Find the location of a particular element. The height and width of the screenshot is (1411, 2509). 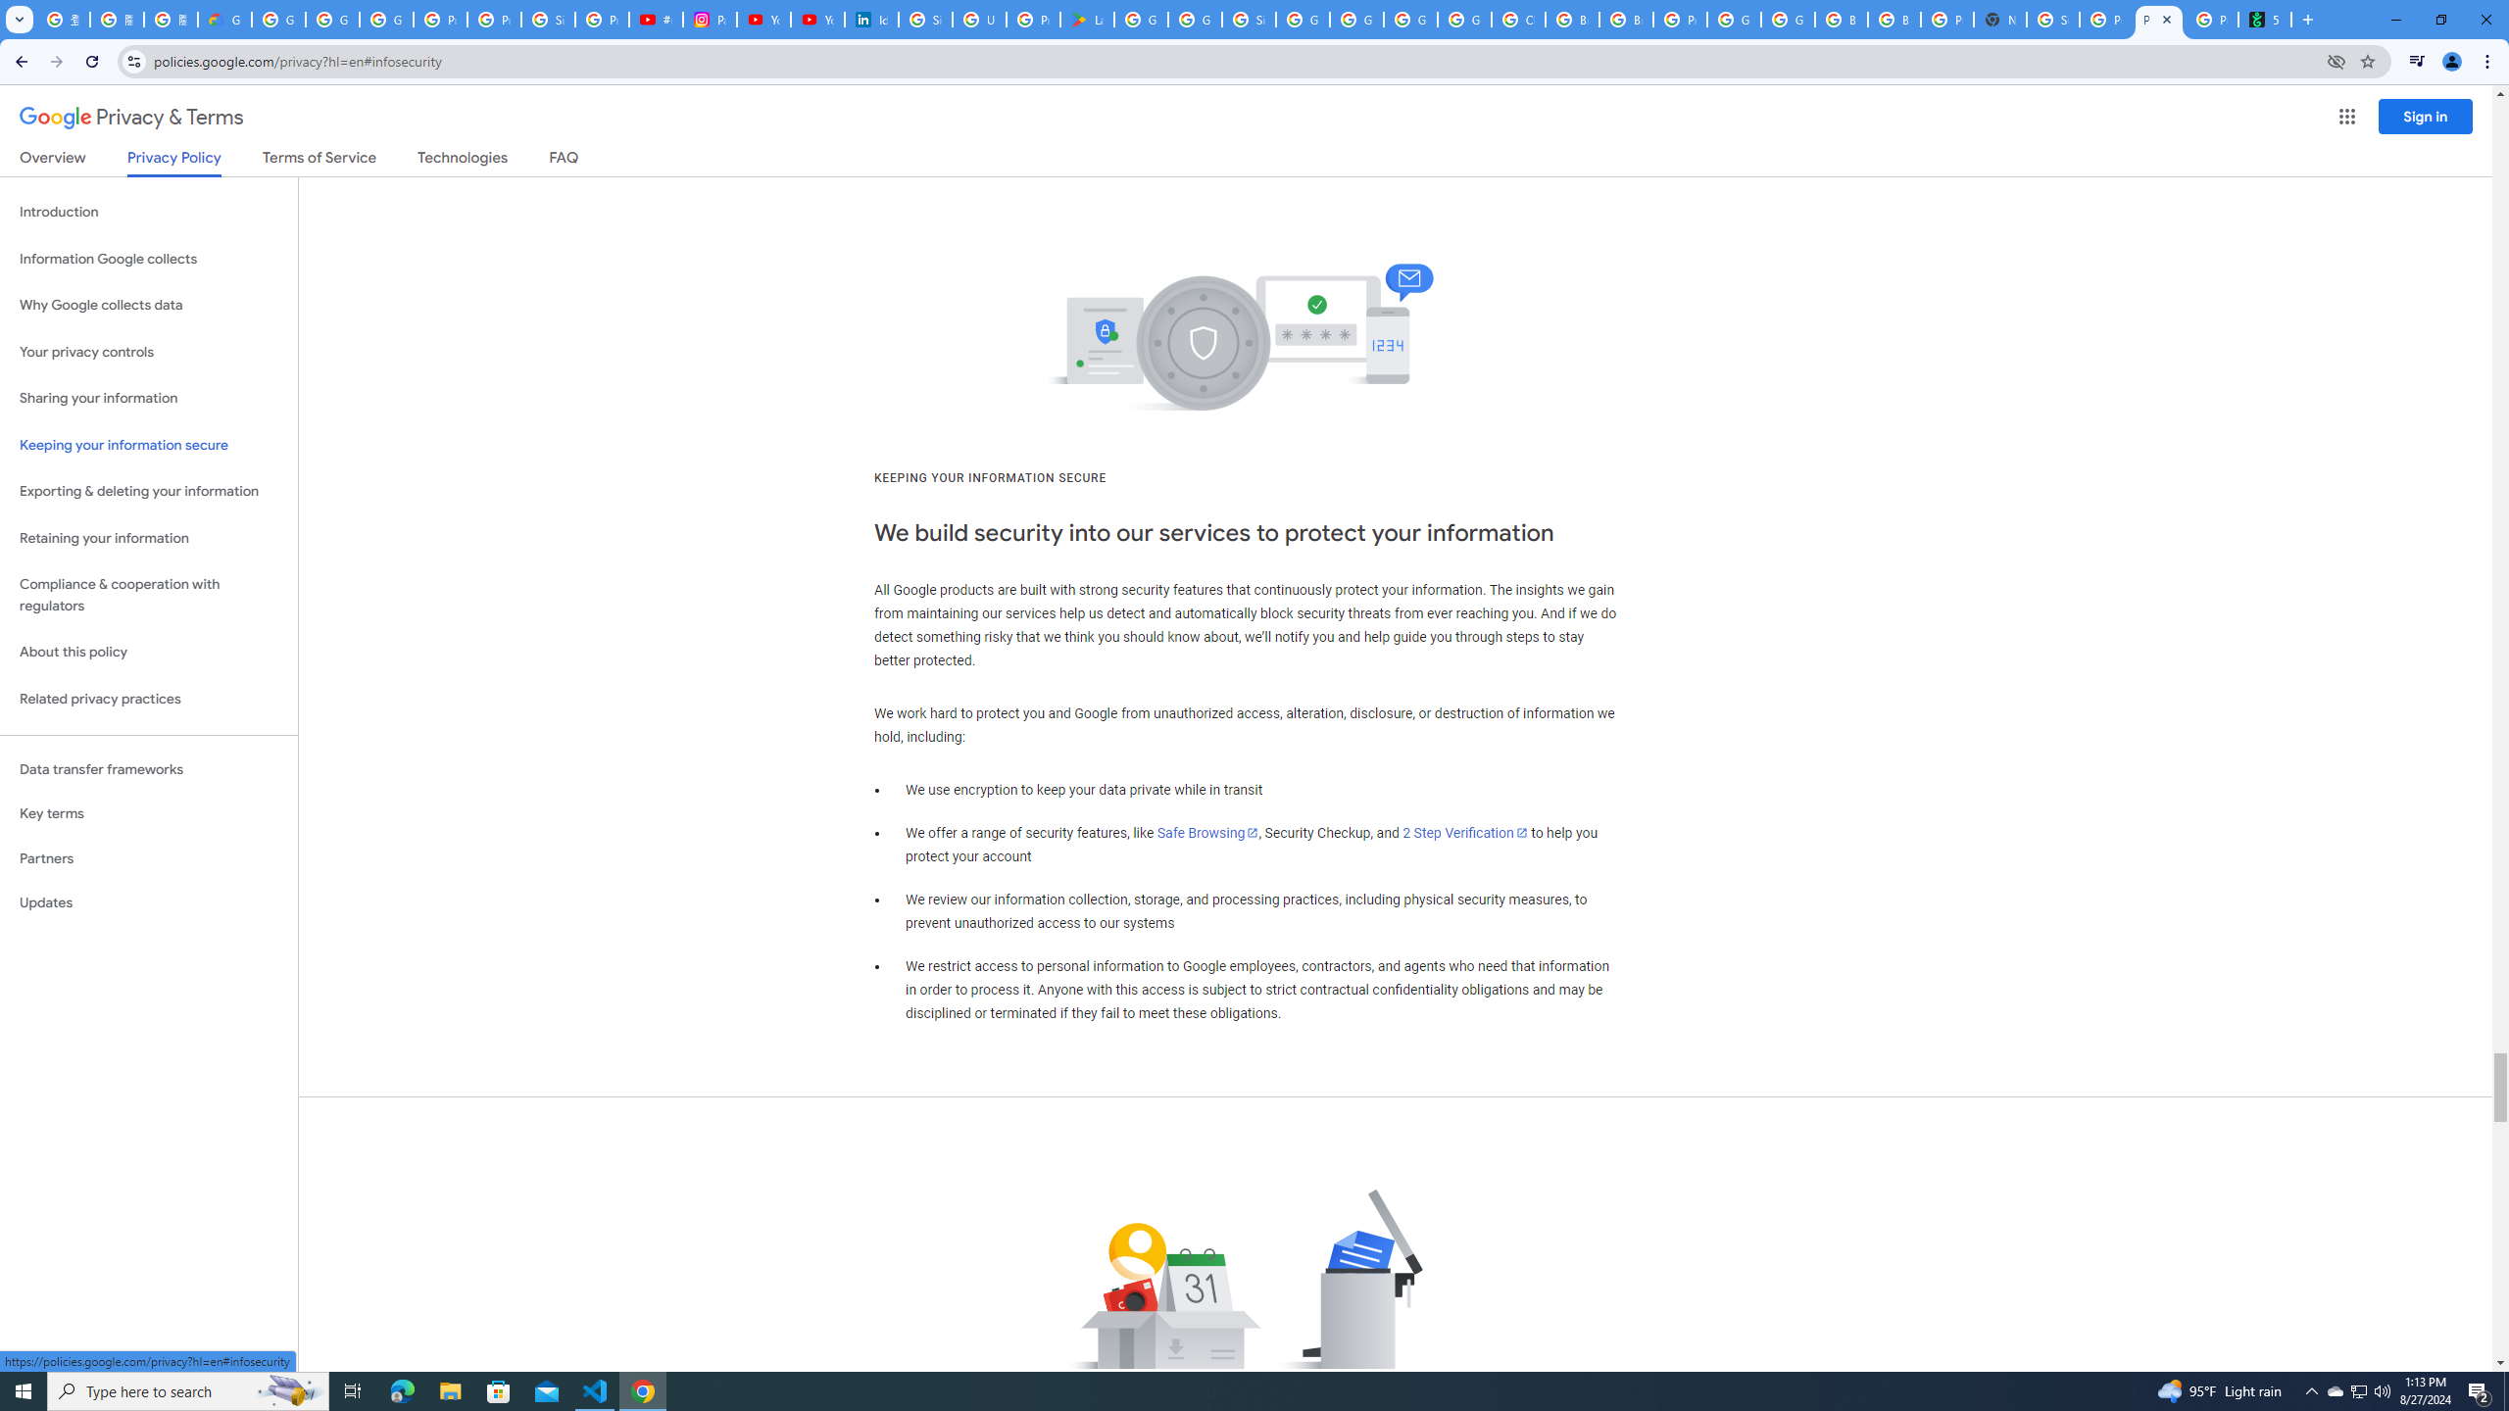

'Safe Browsing' is located at coordinates (1206, 833).